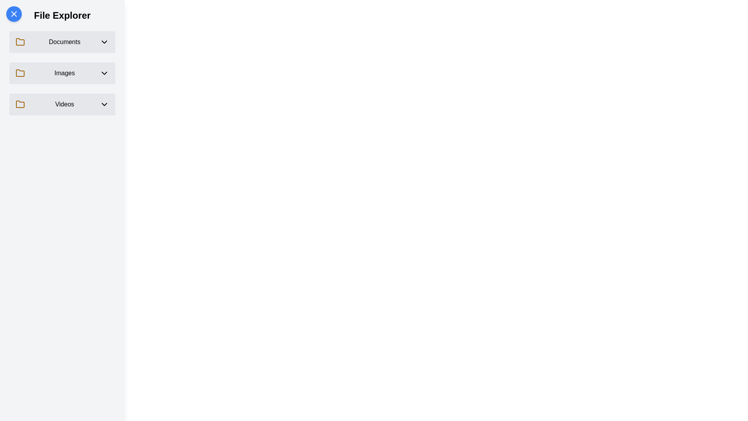  What do you see at coordinates (104, 104) in the screenshot?
I see `the downward-facing chevron icon for the 'Videos' dropdown, positioned to the right of the 'Videos' text label, to trigger potential visual feedback` at bounding box center [104, 104].